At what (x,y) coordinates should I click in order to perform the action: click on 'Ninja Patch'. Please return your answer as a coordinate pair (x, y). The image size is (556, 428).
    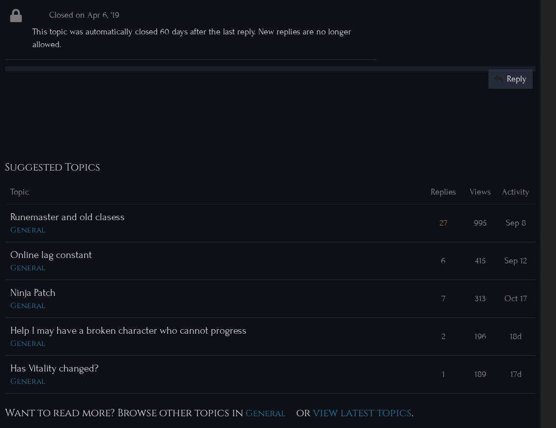
    Looking at the image, I should click on (33, 291).